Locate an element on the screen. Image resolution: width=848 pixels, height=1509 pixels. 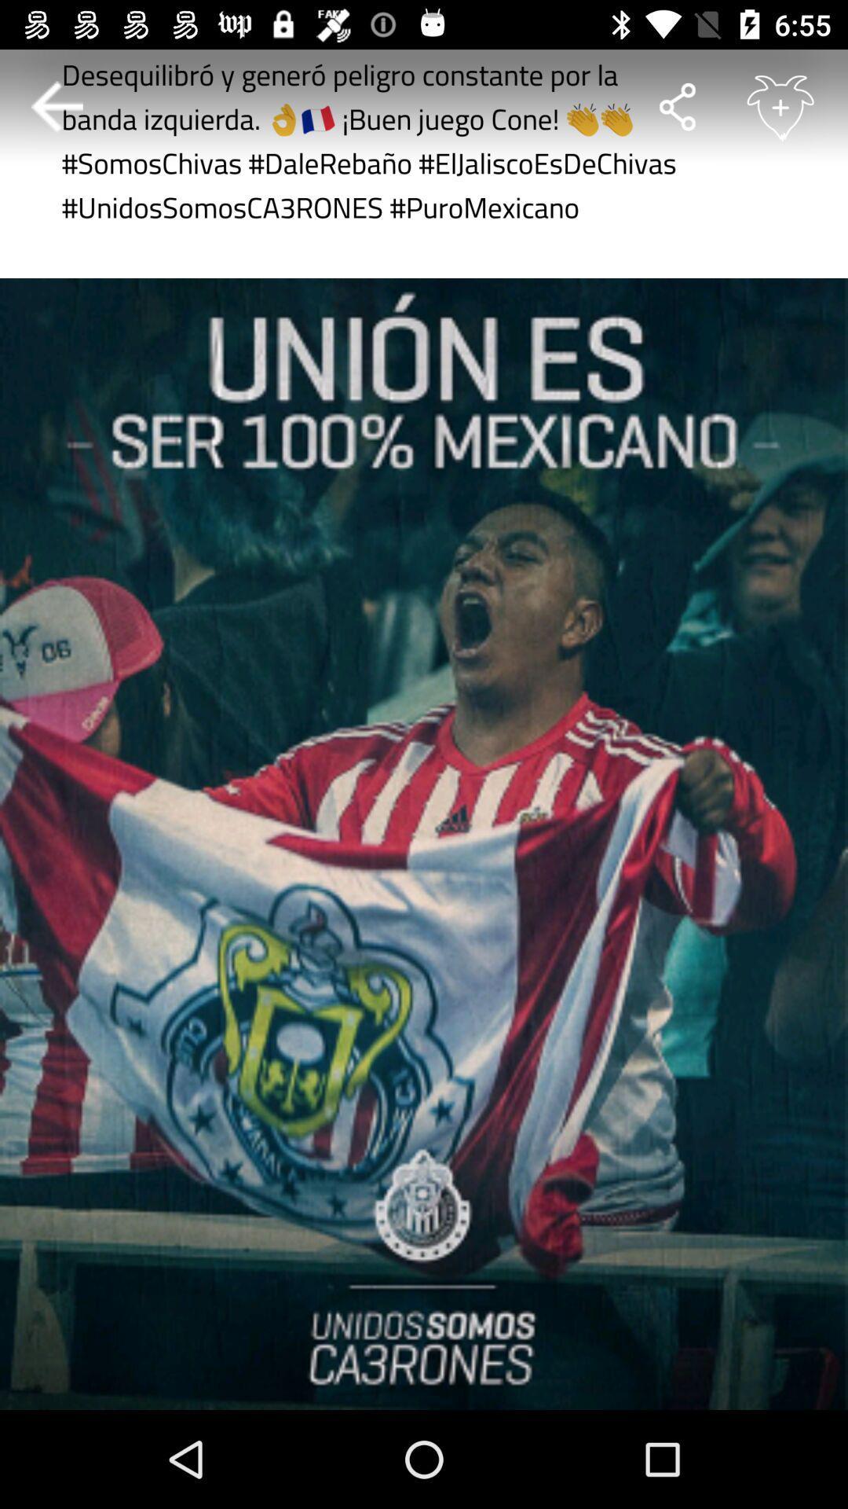
the arrow_backward icon is located at coordinates (56, 106).